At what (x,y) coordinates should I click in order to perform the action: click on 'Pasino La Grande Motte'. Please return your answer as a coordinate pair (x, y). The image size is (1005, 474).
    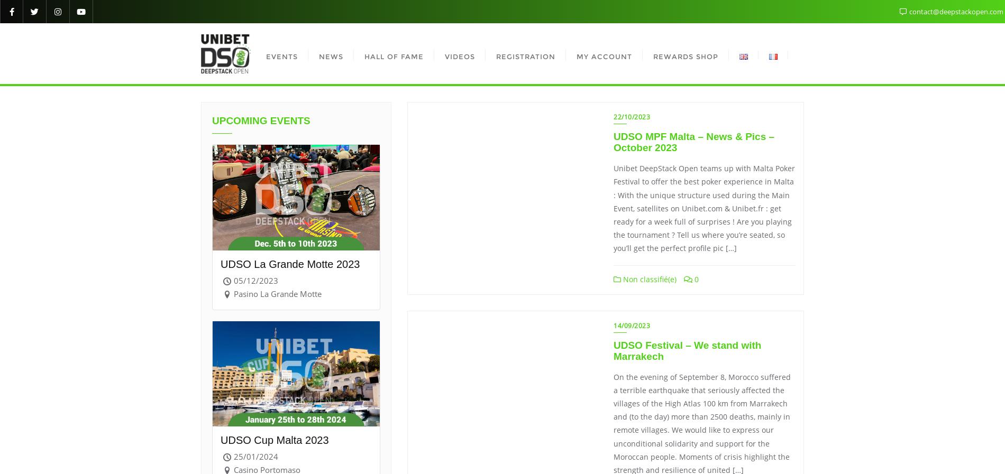
    Looking at the image, I should click on (277, 293).